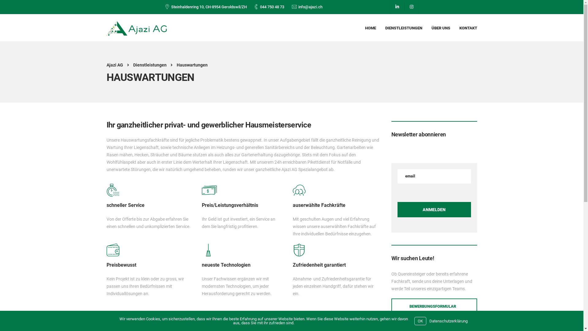 The width and height of the screenshot is (588, 331). Describe the element at coordinates (149, 65) in the screenshot. I see `'Dienstleistungen'` at that location.